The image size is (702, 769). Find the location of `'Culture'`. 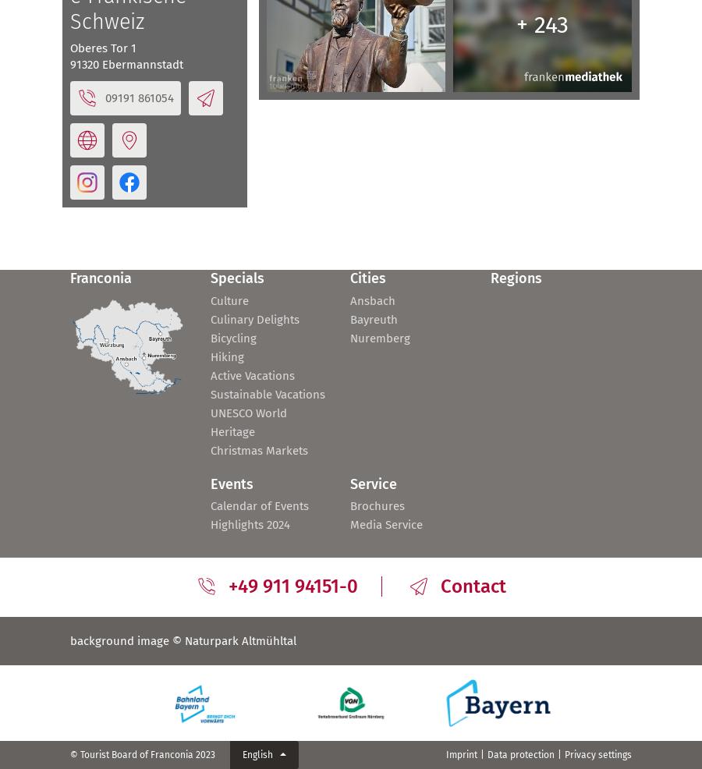

'Culture' is located at coordinates (229, 299).